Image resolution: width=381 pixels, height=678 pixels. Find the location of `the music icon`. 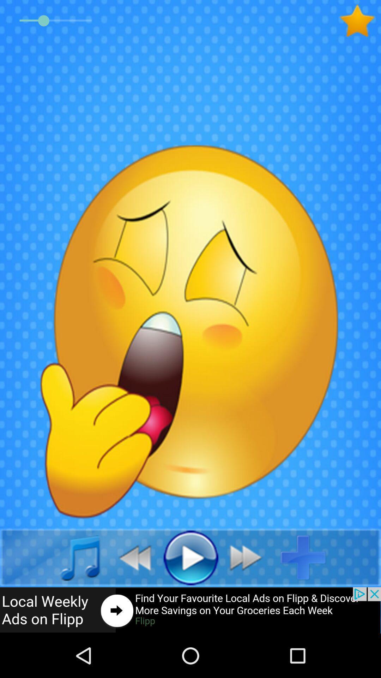

the music icon is located at coordinates (72, 557).